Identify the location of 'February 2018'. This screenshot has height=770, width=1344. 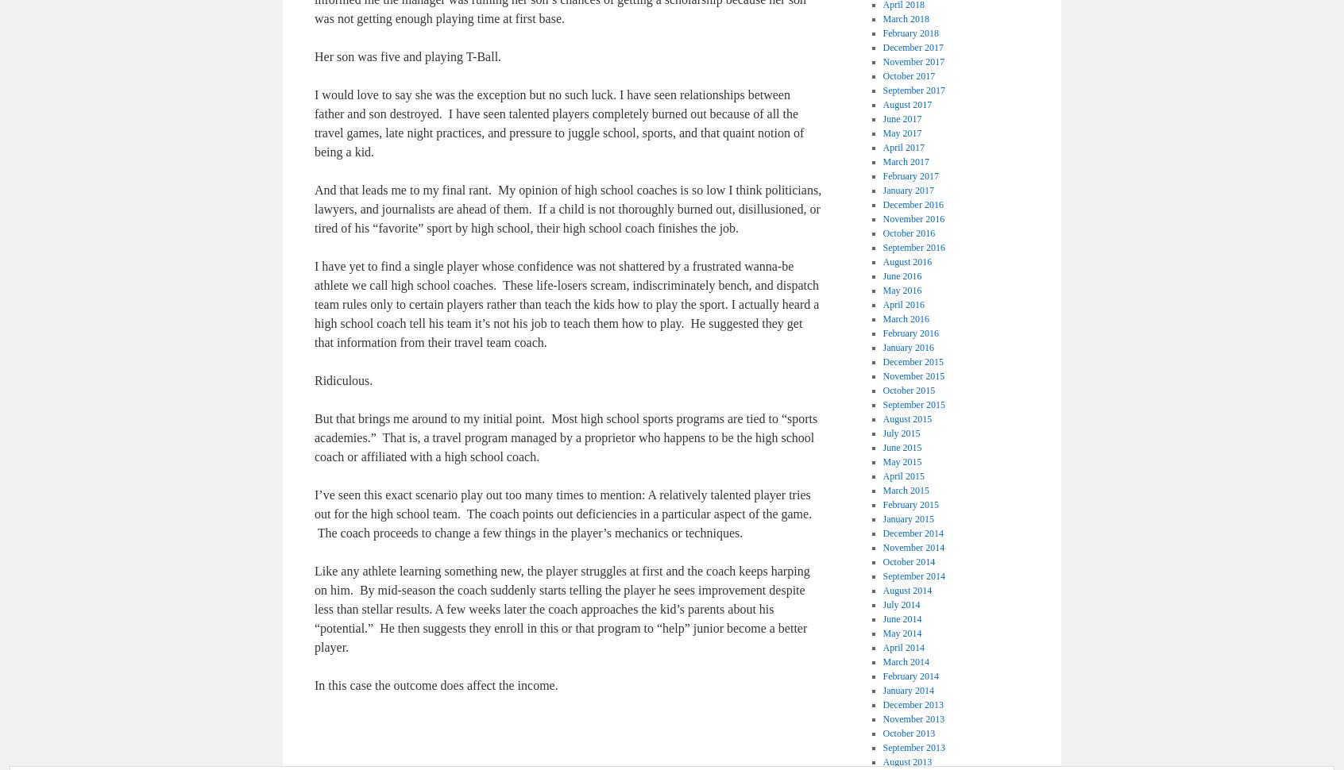
(909, 33).